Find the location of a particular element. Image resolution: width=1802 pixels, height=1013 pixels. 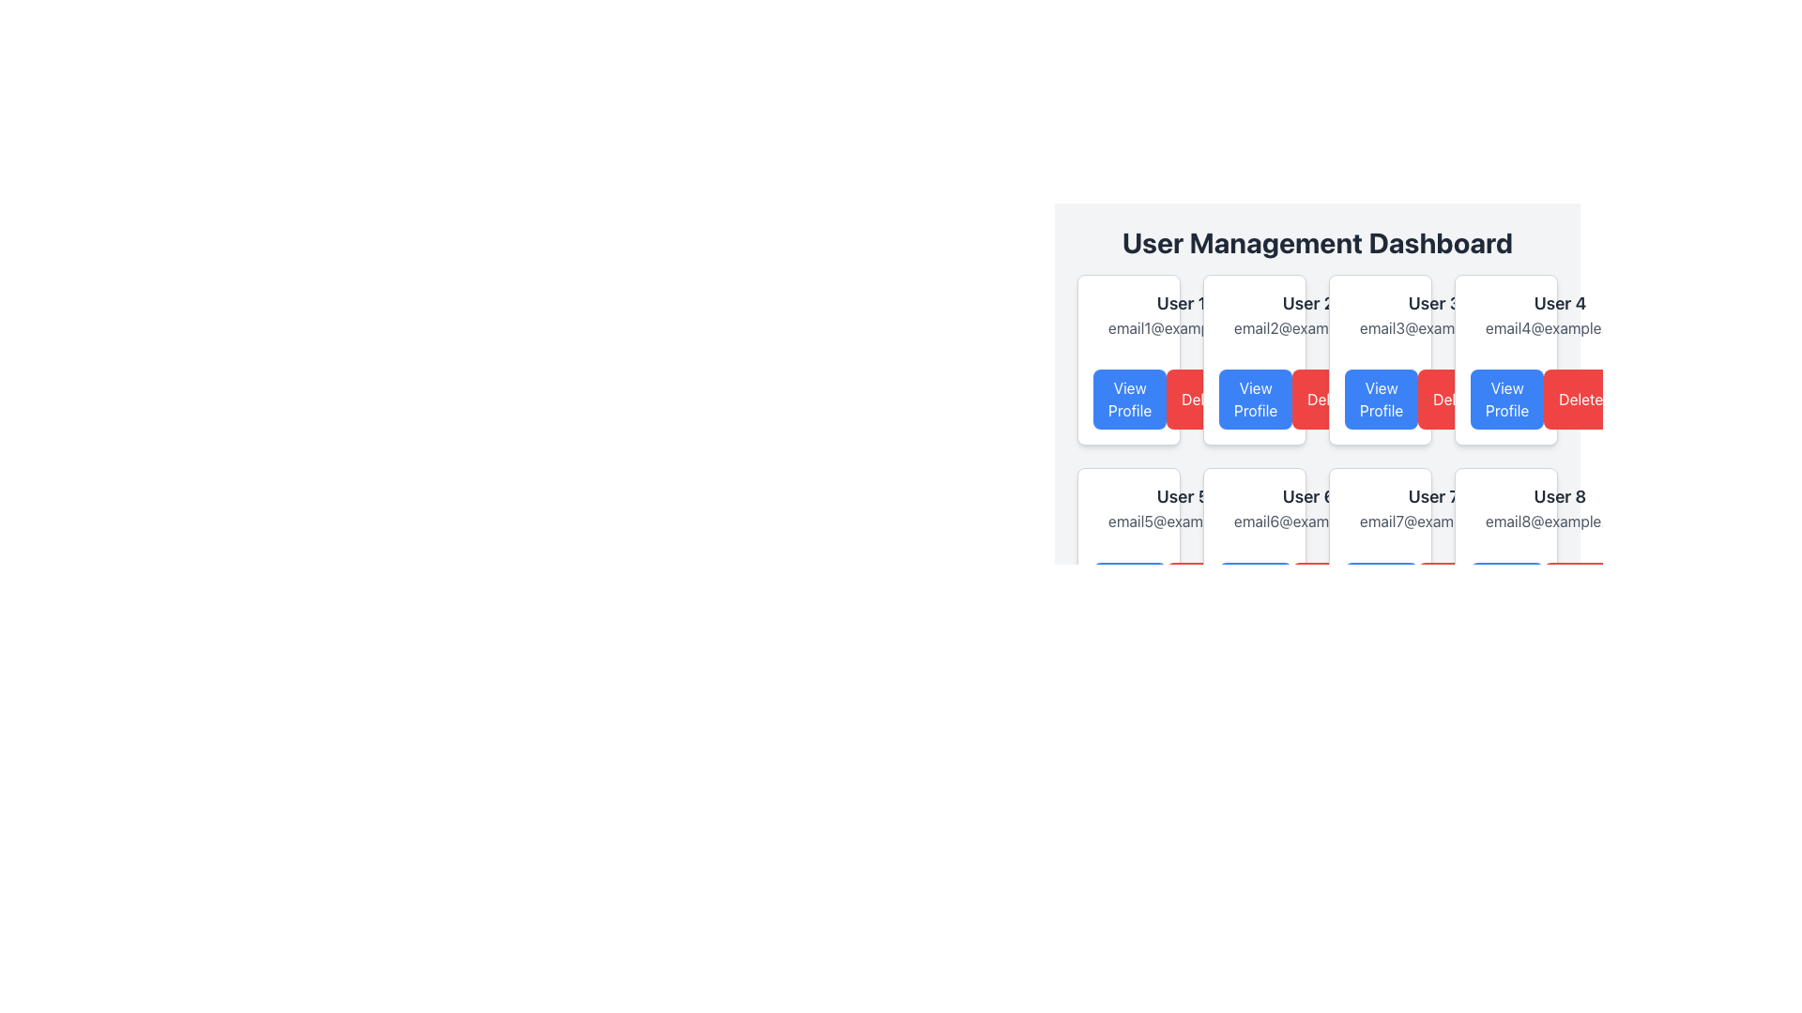

the email address text label associated with 'User 4', located on the right side of the User Management Dashboard, beneath the 'User 4' label is located at coordinates (1560, 327).